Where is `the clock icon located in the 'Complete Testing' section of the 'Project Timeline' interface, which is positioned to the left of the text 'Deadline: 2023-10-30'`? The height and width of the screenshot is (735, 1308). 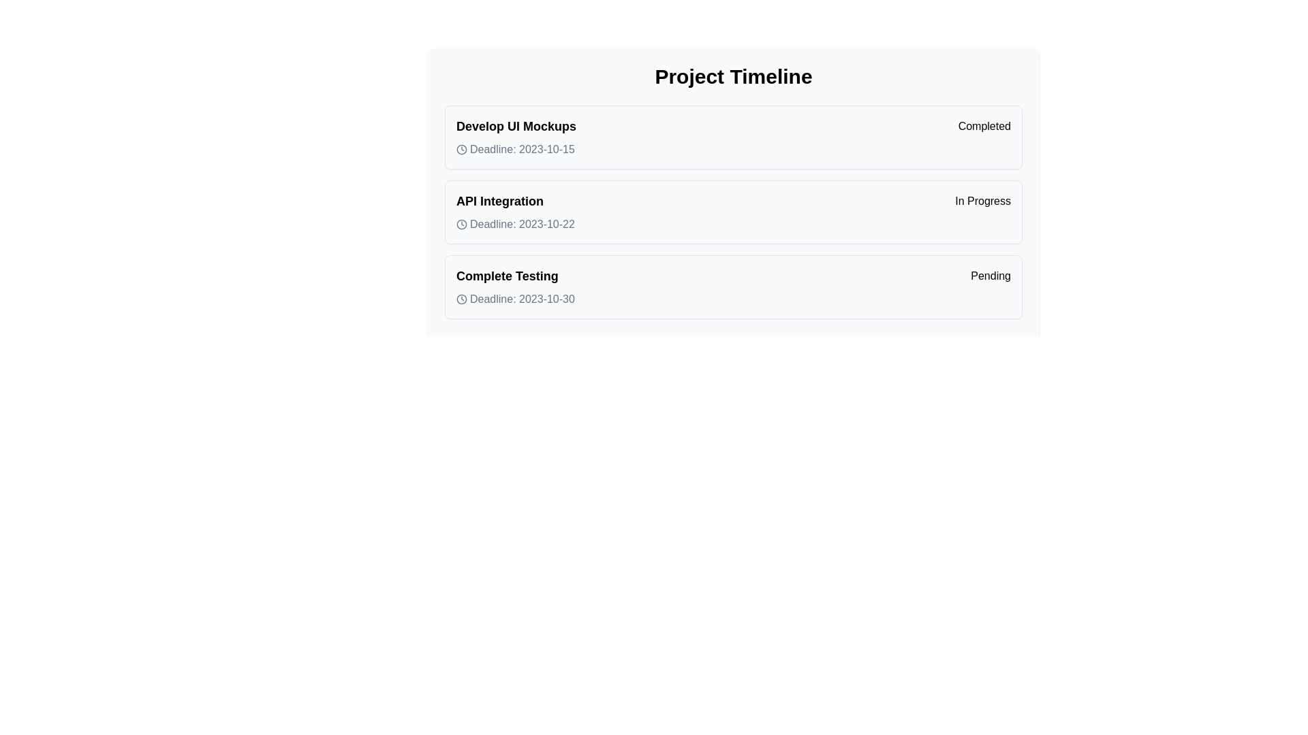
the clock icon located in the 'Complete Testing' section of the 'Project Timeline' interface, which is positioned to the left of the text 'Deadline: 2023-10-30' is located at coordinates (461, 298).